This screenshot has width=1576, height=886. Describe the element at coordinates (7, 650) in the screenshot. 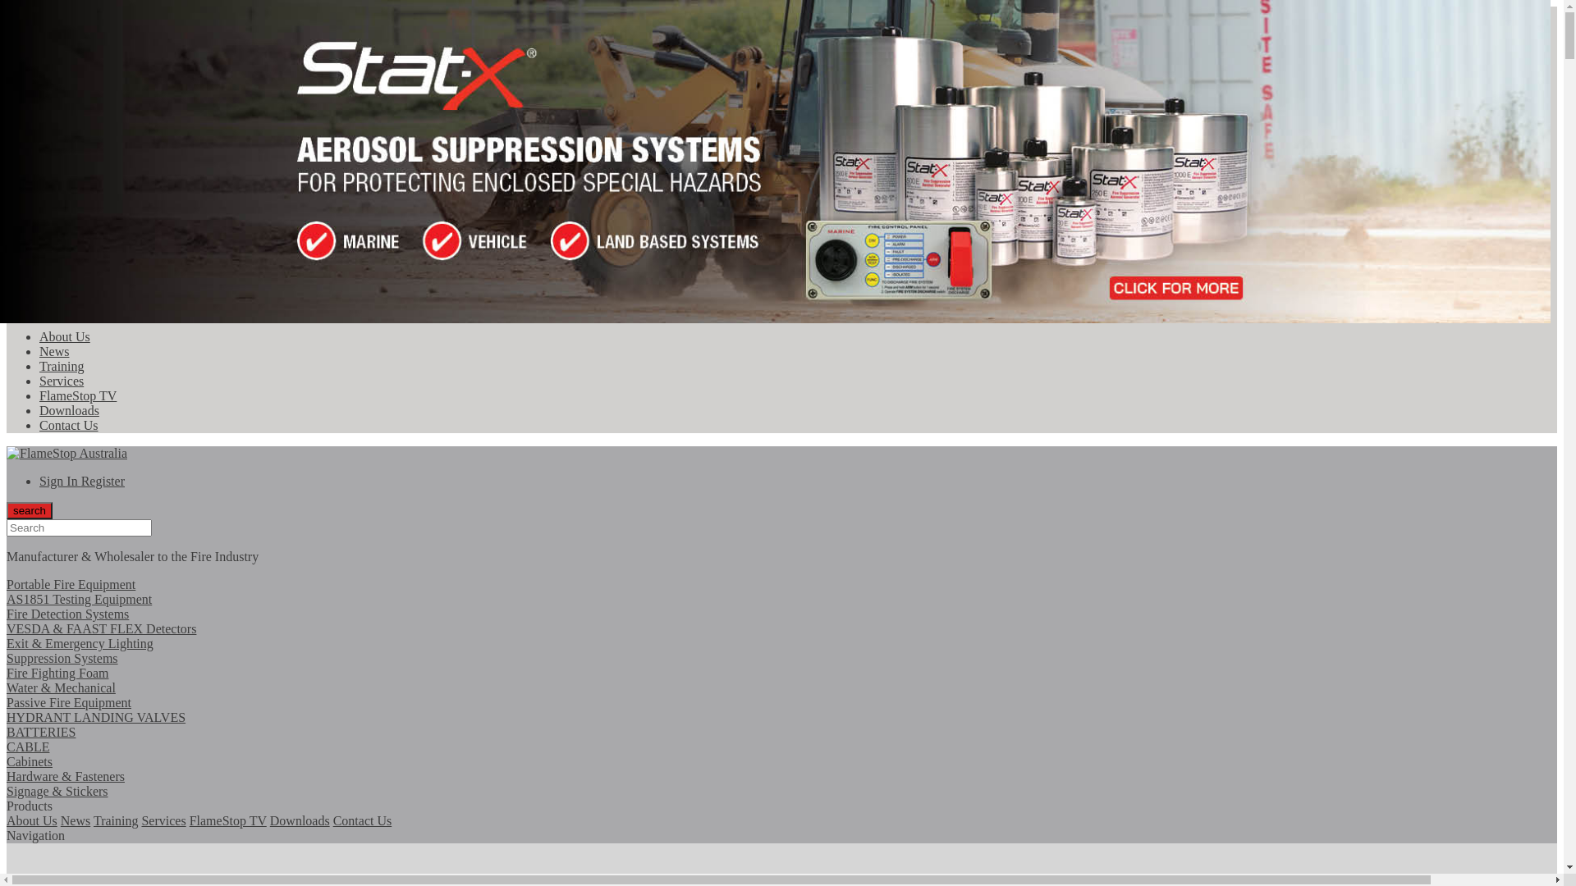

I see `'Exit & Emergency Lighting'` at that location.